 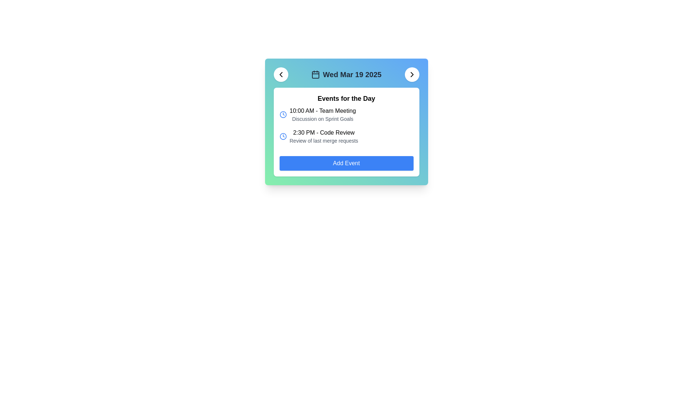 I want to click on the forward navigation icon located at the top-right section of the calendar interface, so click(x=412, y=74).